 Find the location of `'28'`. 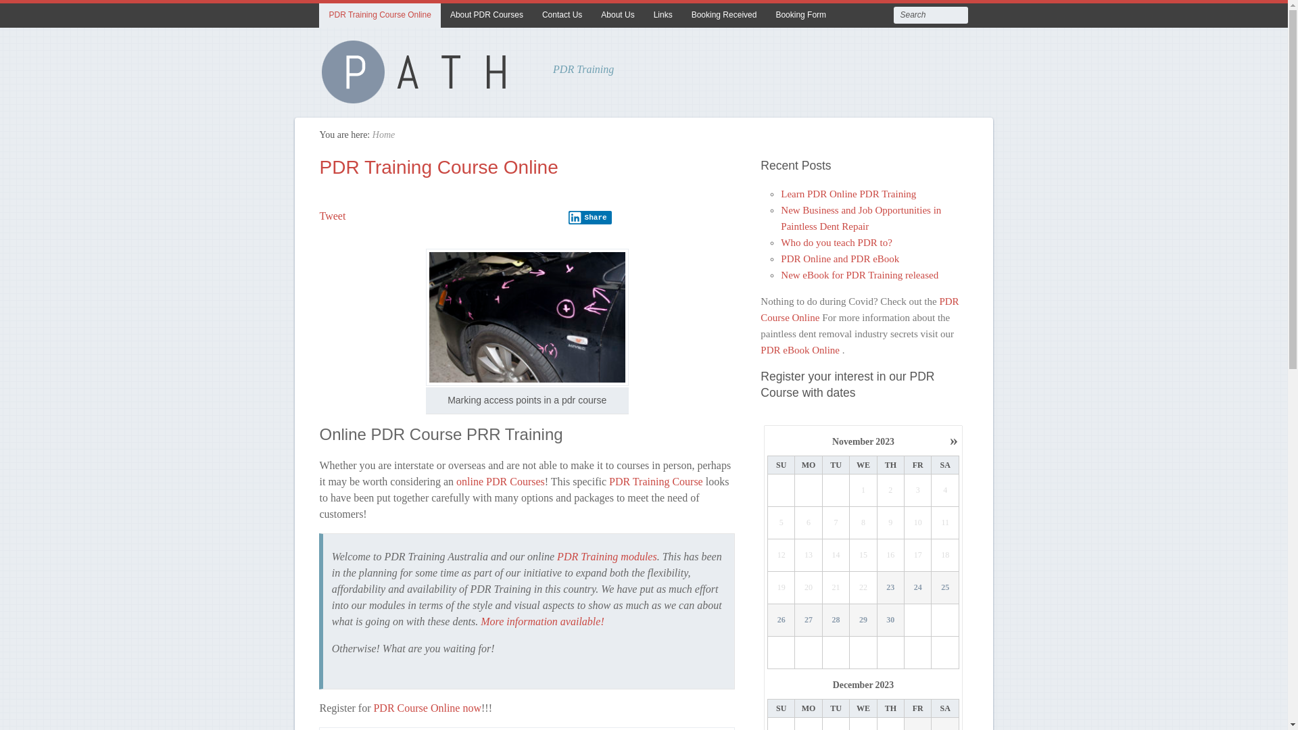

'28' is located at coordinates (835, 620).